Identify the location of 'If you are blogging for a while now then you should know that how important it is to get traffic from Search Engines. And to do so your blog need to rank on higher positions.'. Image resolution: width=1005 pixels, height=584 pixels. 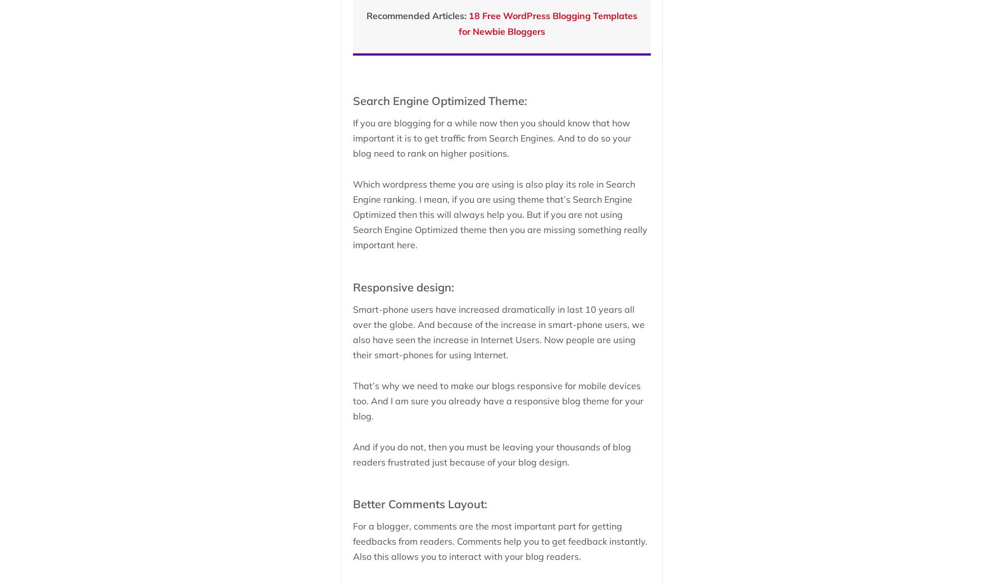
(491, 138).